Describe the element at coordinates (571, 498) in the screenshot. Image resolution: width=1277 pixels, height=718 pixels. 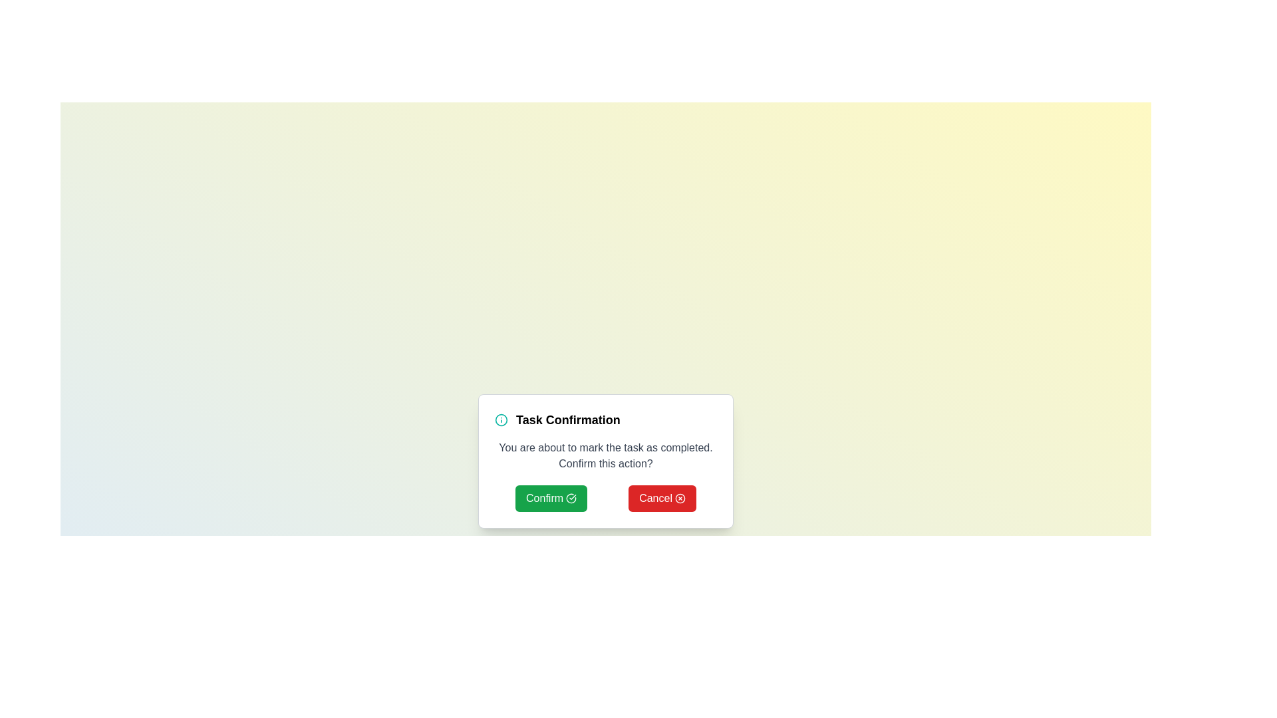
I see `the circular icon with a check mark inside the green 'Confirm' button at the bottom of the card in the modal dialog to confirm` at that location.